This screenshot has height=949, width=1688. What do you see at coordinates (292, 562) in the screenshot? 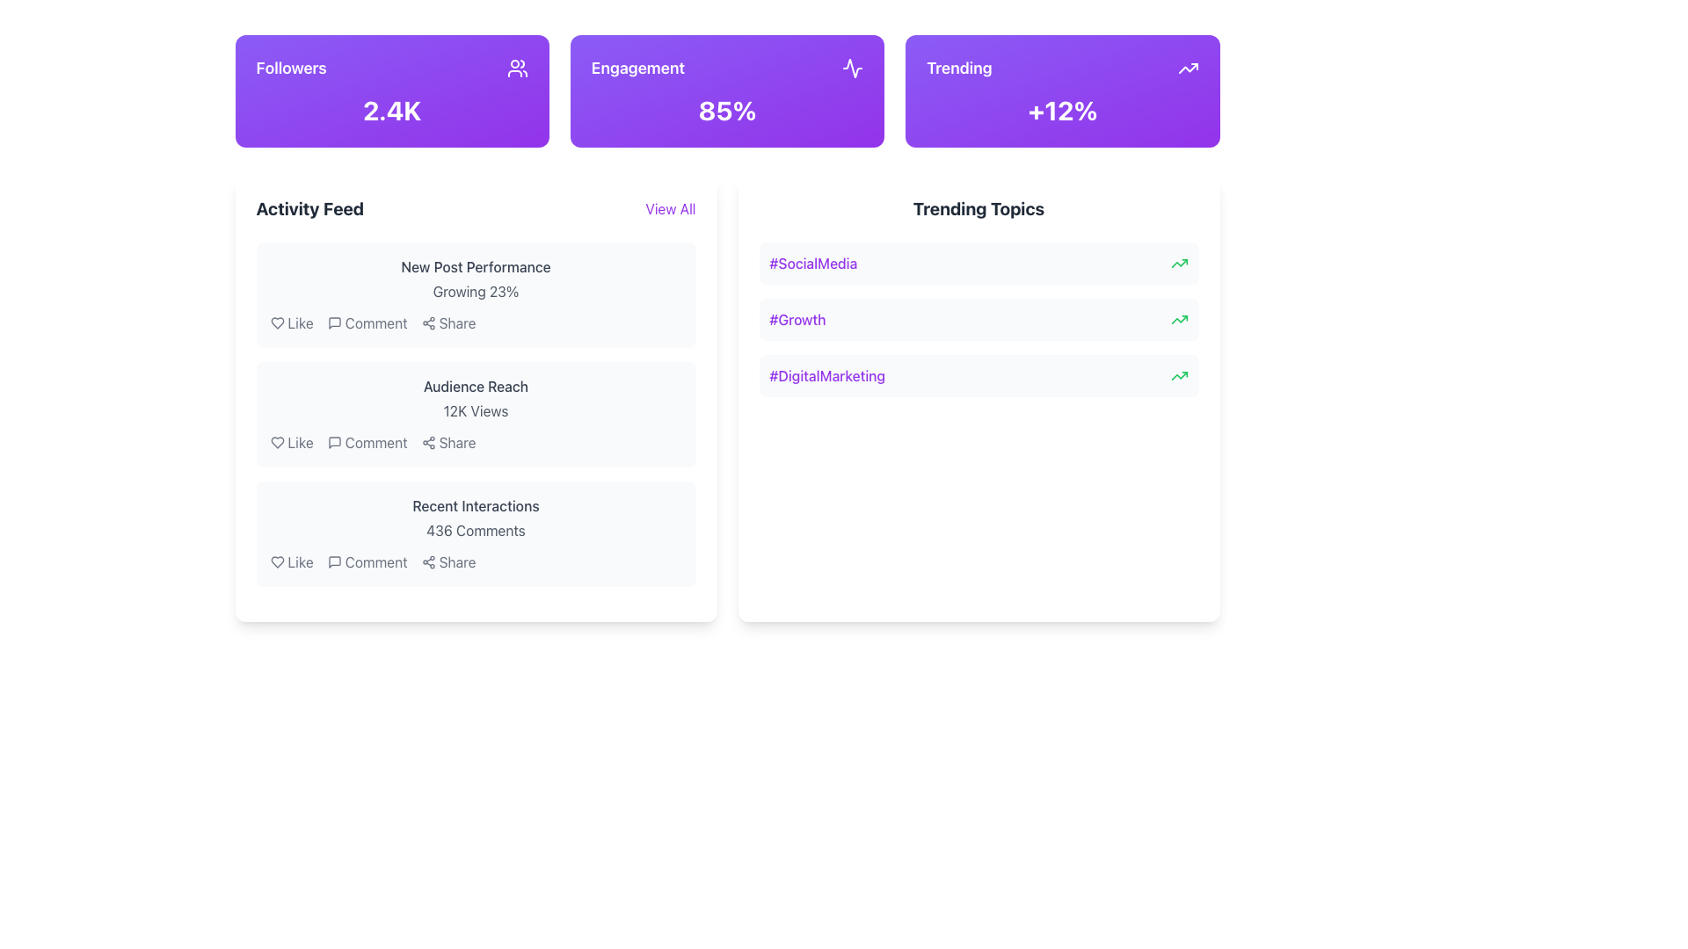
I see `the 'Like' button with the heart symbol on its left, located in the 'Recent Interactions' section of the Activity Feed` at bounding box center [292, 562].